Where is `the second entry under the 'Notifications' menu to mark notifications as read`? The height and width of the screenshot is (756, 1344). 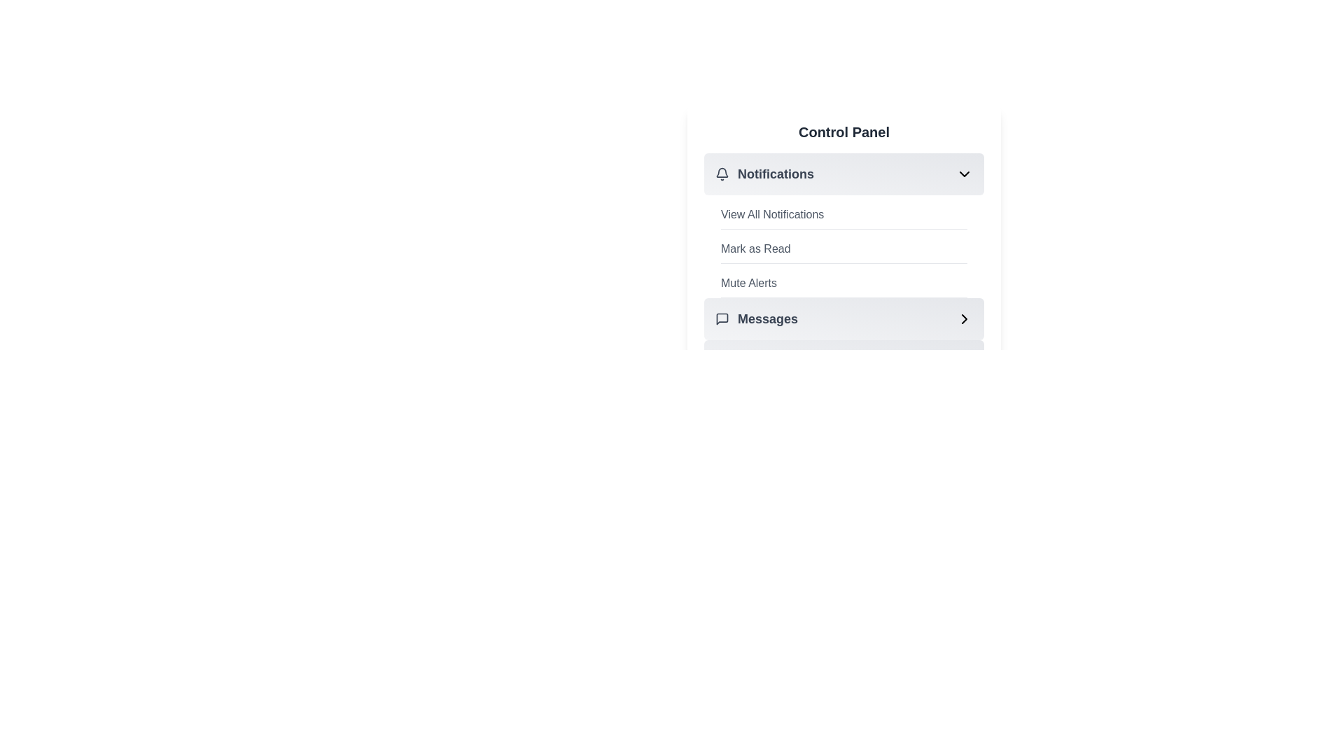 the second entry under the 'Notifications' menu to mark notifications as read is located at coordinates (843, 252).